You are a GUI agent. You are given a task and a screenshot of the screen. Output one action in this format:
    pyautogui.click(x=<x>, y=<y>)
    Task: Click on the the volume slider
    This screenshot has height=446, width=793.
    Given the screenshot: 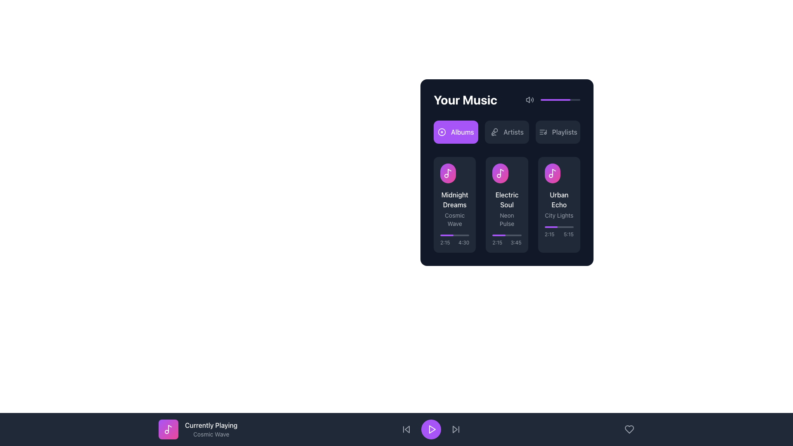 What is the action you would take?
    pyautogui.click(x=544, y=100)
    